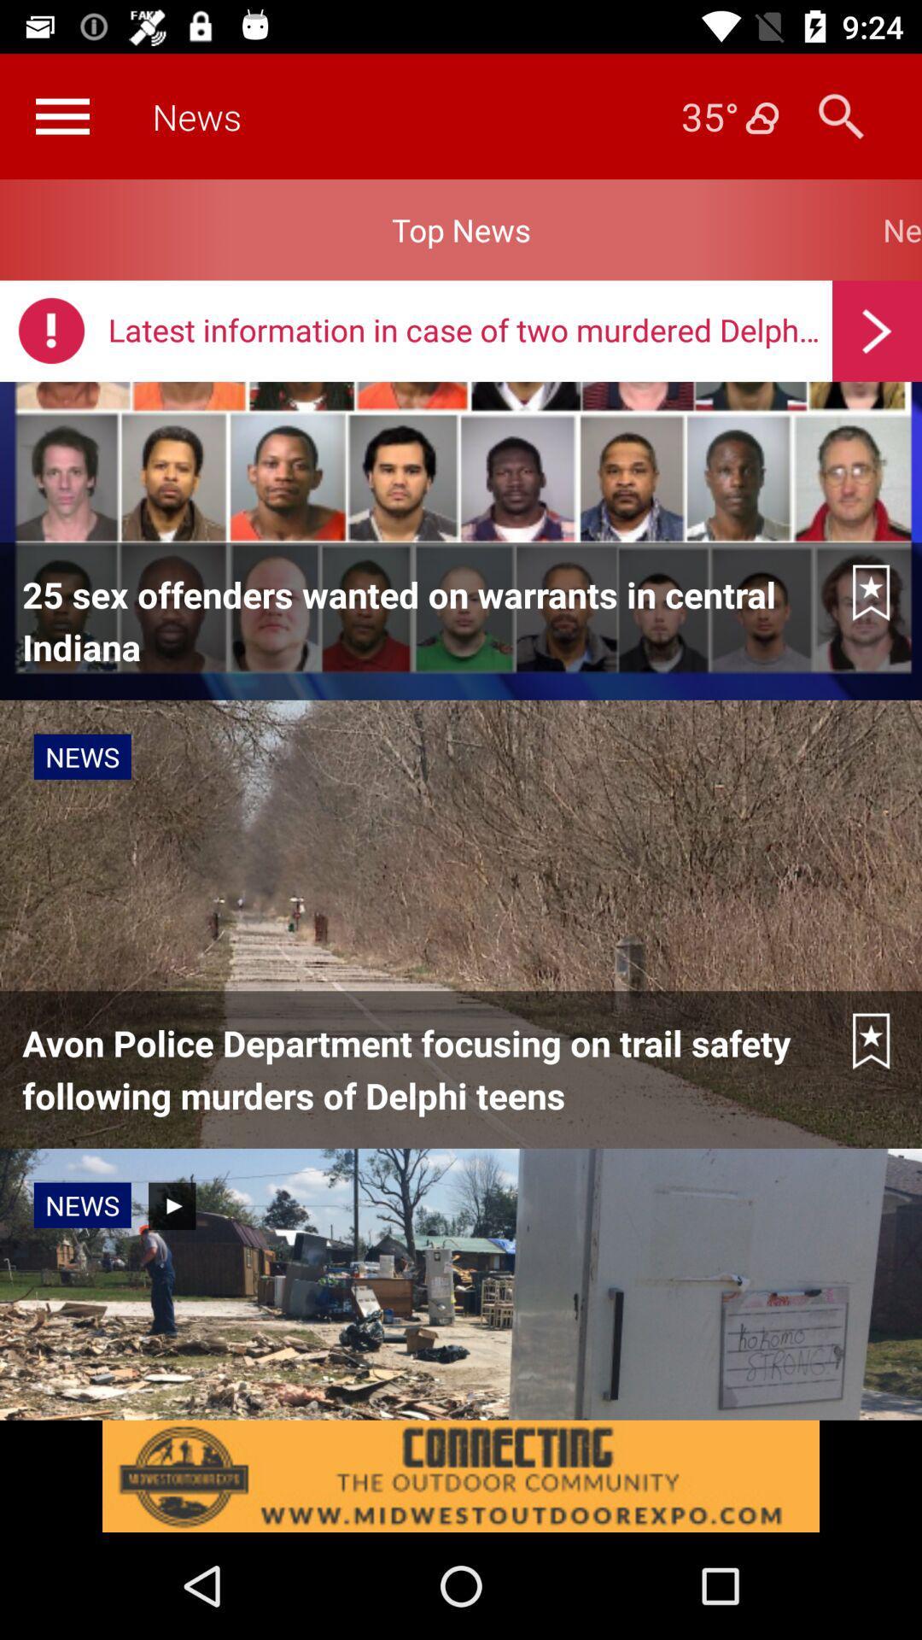 The width and height of the screenshot is (922, 1640). I want to click on advertisement, so click(461, 1475).